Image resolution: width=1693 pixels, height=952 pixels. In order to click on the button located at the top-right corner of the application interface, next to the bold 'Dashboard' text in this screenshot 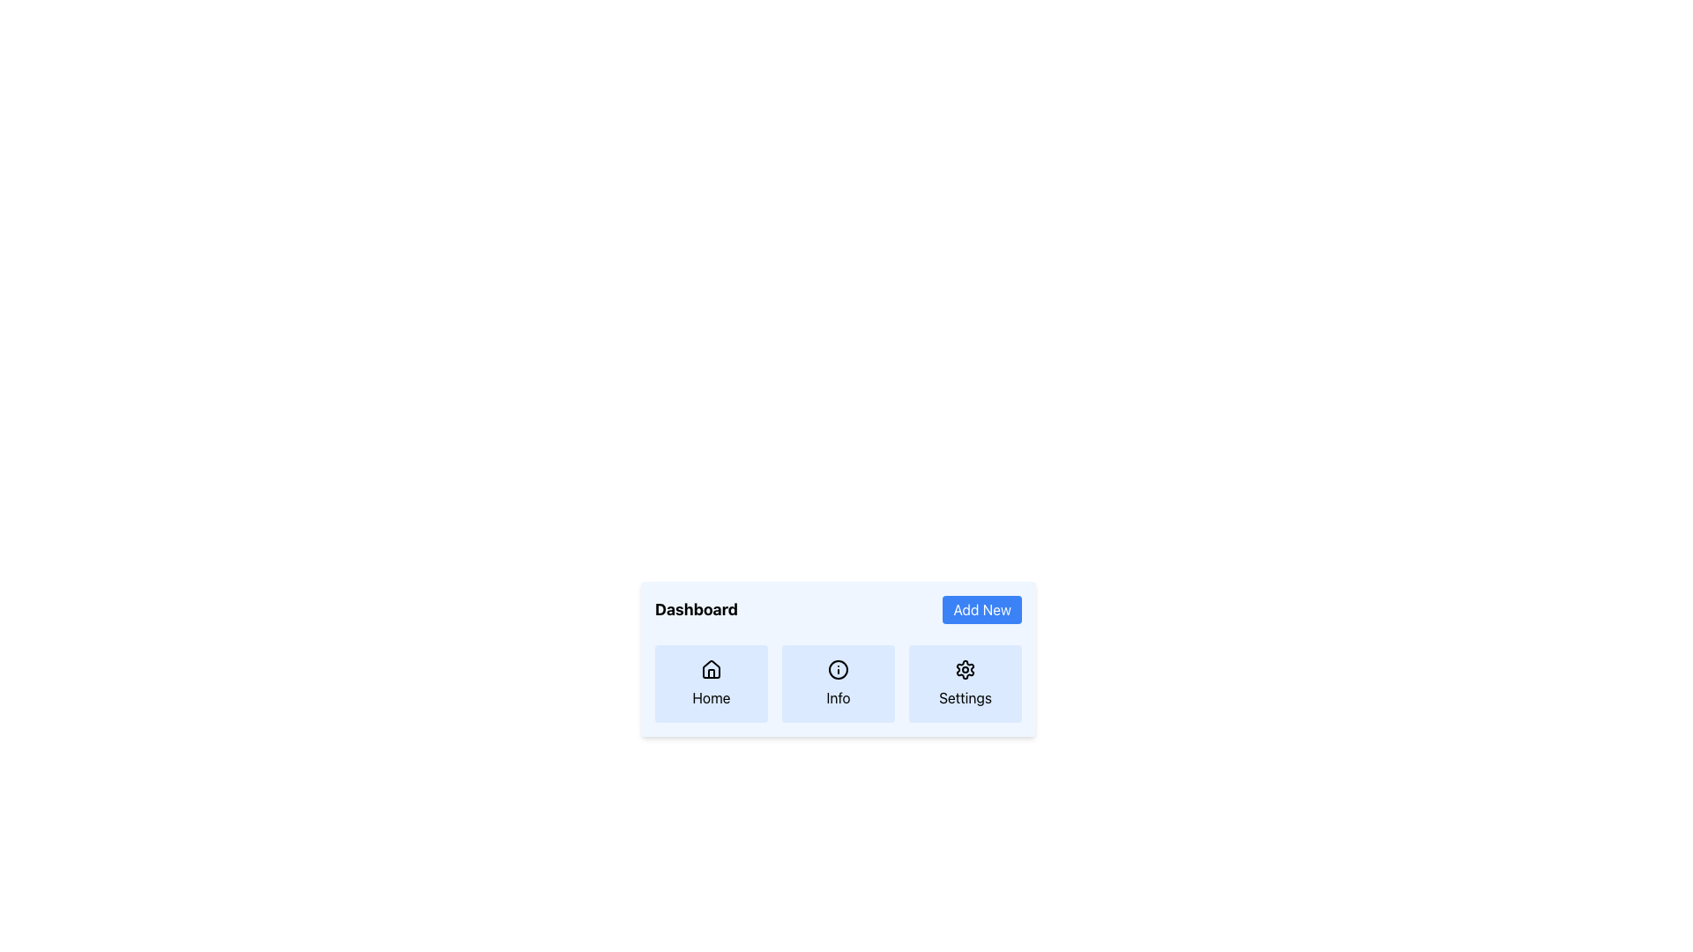, I will do `click(981, 608)`.